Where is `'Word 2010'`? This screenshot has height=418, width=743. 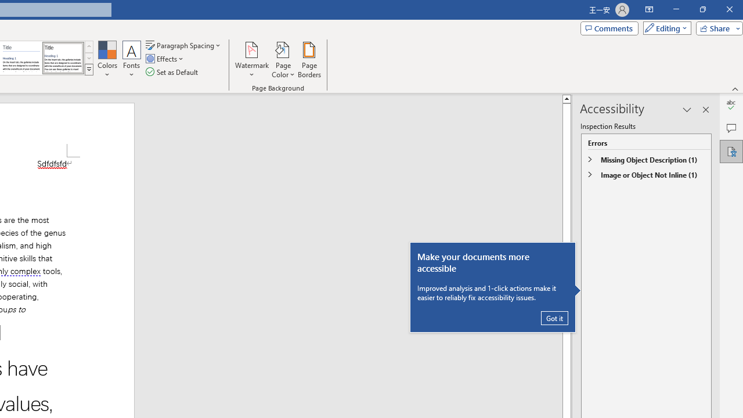
'Word 2010' is located at coordinates (21, 58).